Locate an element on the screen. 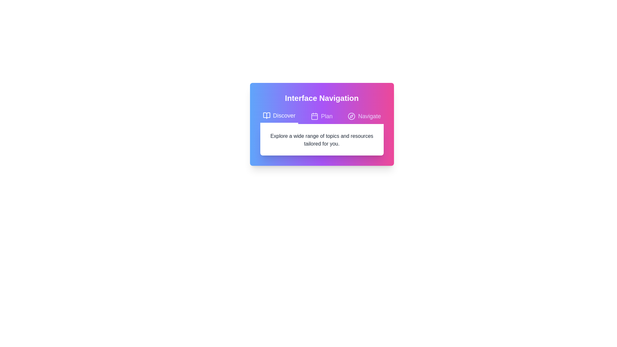  the compass icon located to the left of the 'Navigate' text label in the navigation bar is located at coordinates (351, 116).